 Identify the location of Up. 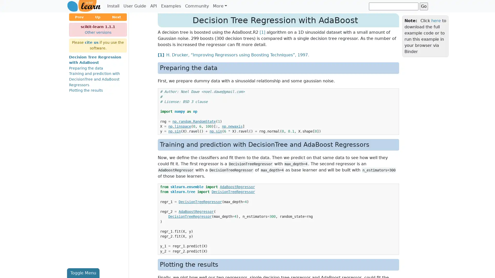
(98, 17).